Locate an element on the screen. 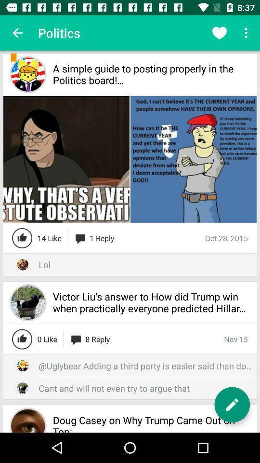 Image resolution: width=260 pixels, height=463 pixels. like this post is located at coordinates (22, 339).